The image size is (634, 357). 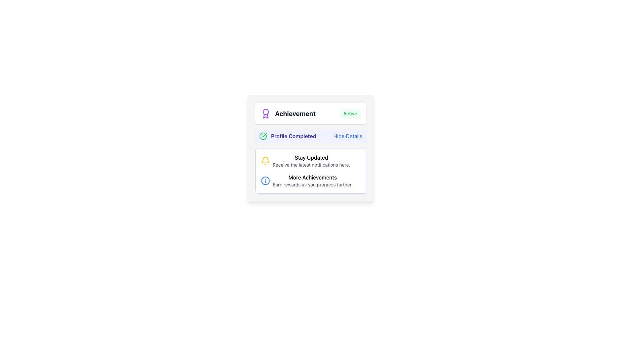 What do you see at coordinates (265, 181) in the screenshot?
I see `the blue information icon with a lowercase 'i' located to the left of the 'More Achievements' text in the rewards section` at bounding box center [265, 181].